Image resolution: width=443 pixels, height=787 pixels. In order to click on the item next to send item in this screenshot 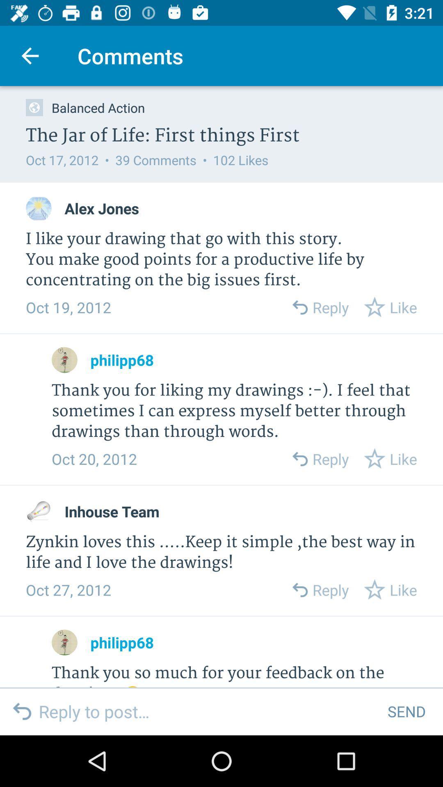, I will do `click(206, 711)`.